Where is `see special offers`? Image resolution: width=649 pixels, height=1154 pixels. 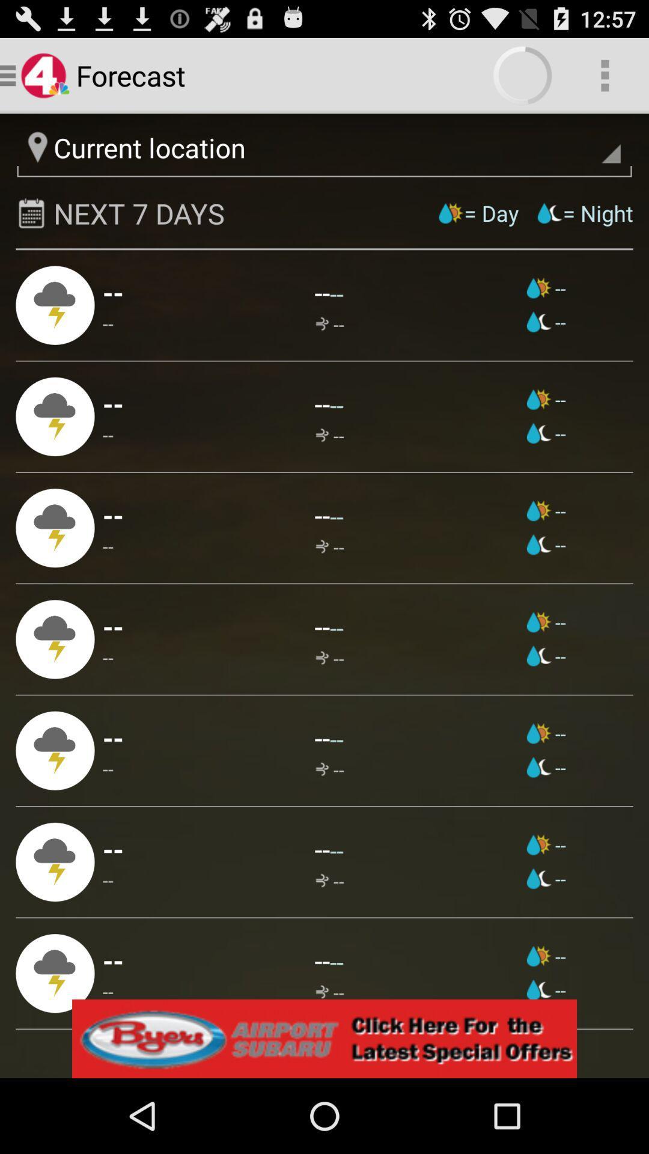
see special offers is located at coordinates (324, 1038).